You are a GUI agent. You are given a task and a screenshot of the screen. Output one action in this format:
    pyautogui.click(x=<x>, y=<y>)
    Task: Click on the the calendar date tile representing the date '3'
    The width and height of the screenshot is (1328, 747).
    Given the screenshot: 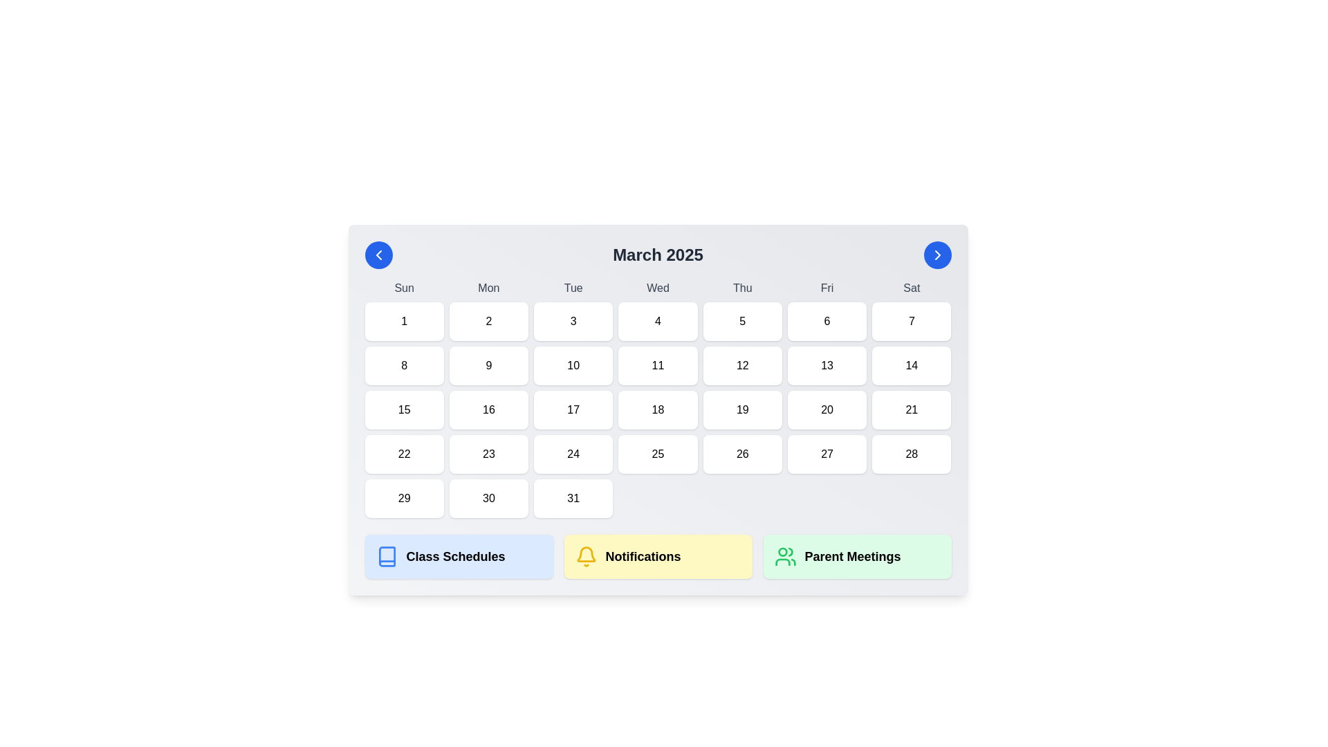 What is the action you would take?
    pyautogui.click(x=573, y=322)
    